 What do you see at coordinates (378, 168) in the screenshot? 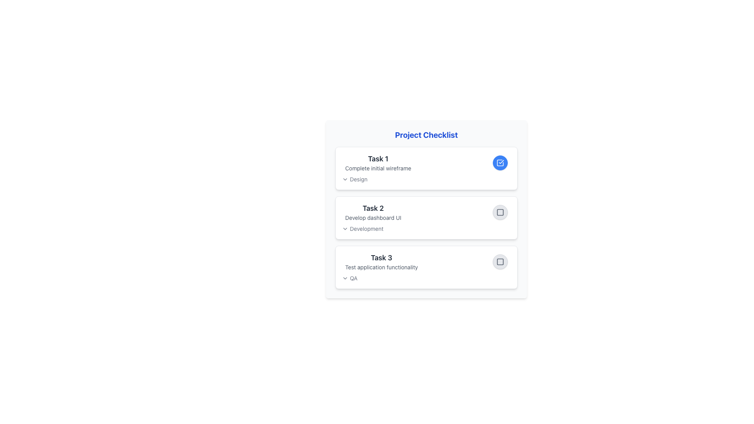
I see `the static text displaying 'Complete initial wireframe' located beneath 'Task 1' in the checklist interface` at bounding box center [378, 168].